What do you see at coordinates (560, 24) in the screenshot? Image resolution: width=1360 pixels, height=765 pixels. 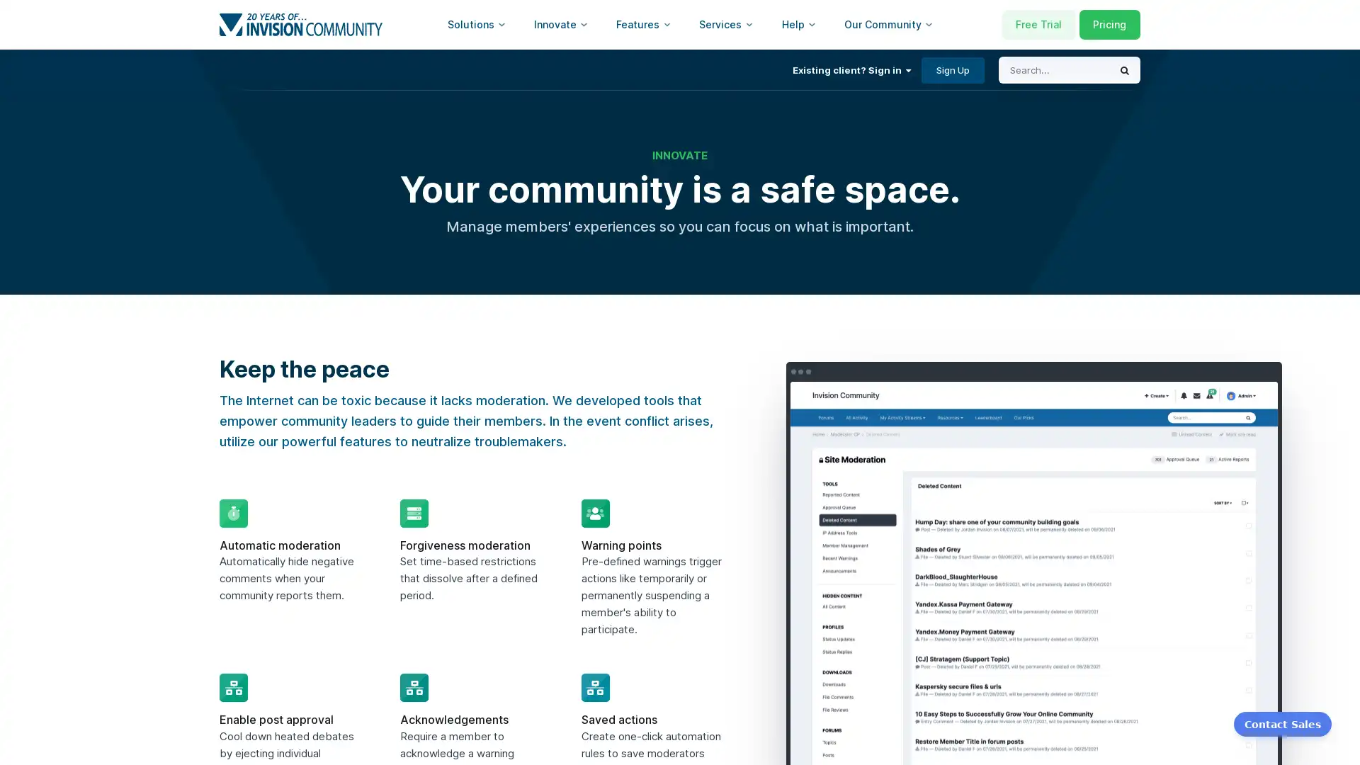 I see `Innovate` at bounding box center [560, 24].